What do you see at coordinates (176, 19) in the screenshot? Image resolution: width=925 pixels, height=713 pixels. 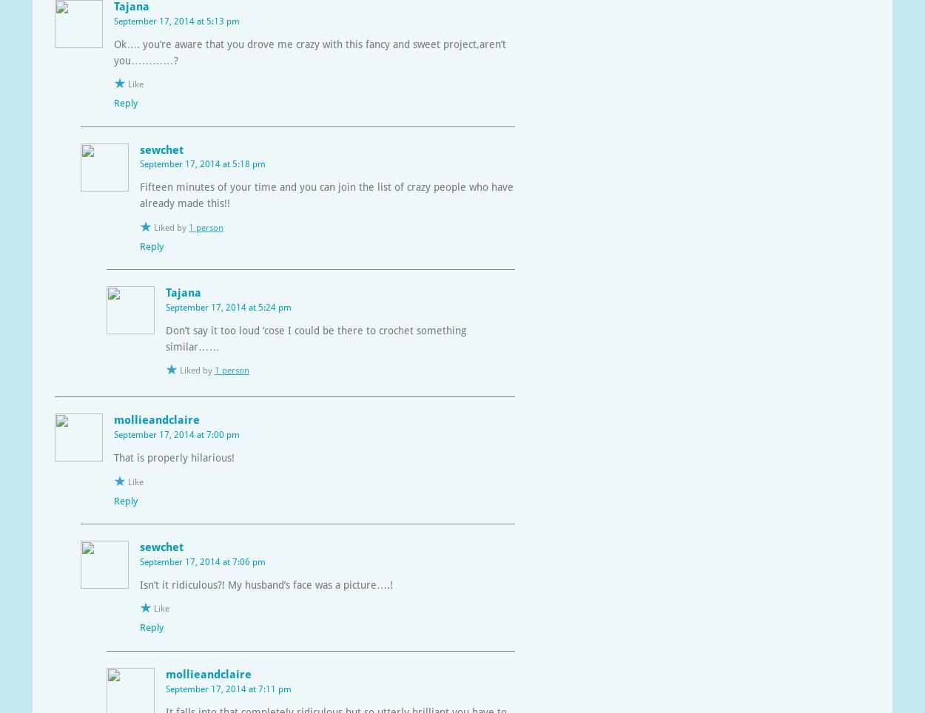 I see `'September 17, 2014 at 5:13 pm'` at bounding box center [176, 19].